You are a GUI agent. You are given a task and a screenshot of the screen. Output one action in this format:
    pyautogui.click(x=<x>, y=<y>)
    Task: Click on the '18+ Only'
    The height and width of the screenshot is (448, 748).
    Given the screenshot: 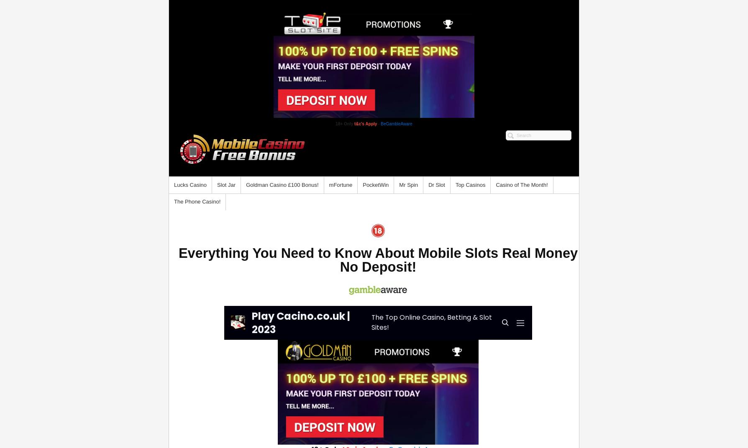 What is the action you would take?
    pyautogui.click(x=344, y=123)
    